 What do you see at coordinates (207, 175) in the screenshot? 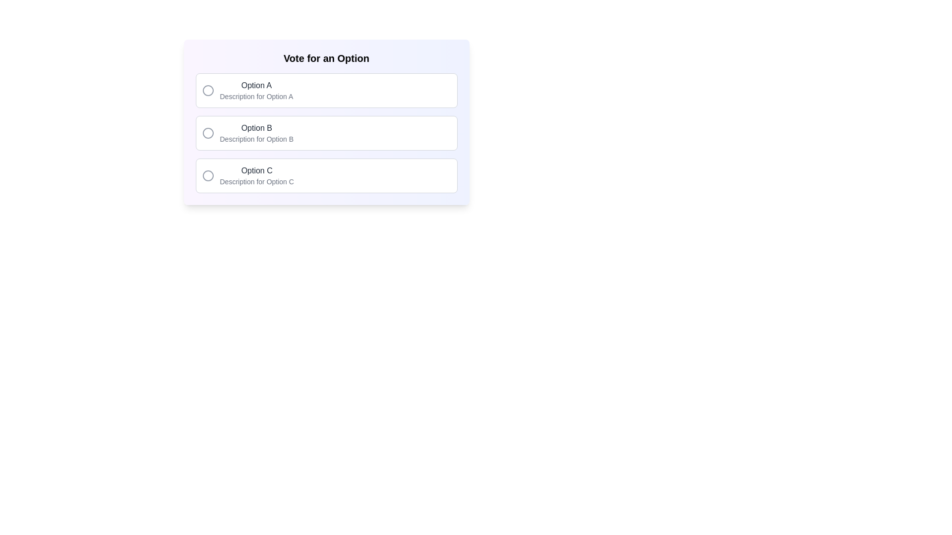
I see `the Circle graphical element of the radiobutton for 'Option C' to view the additional context menu` at bounding box center [207, 175].